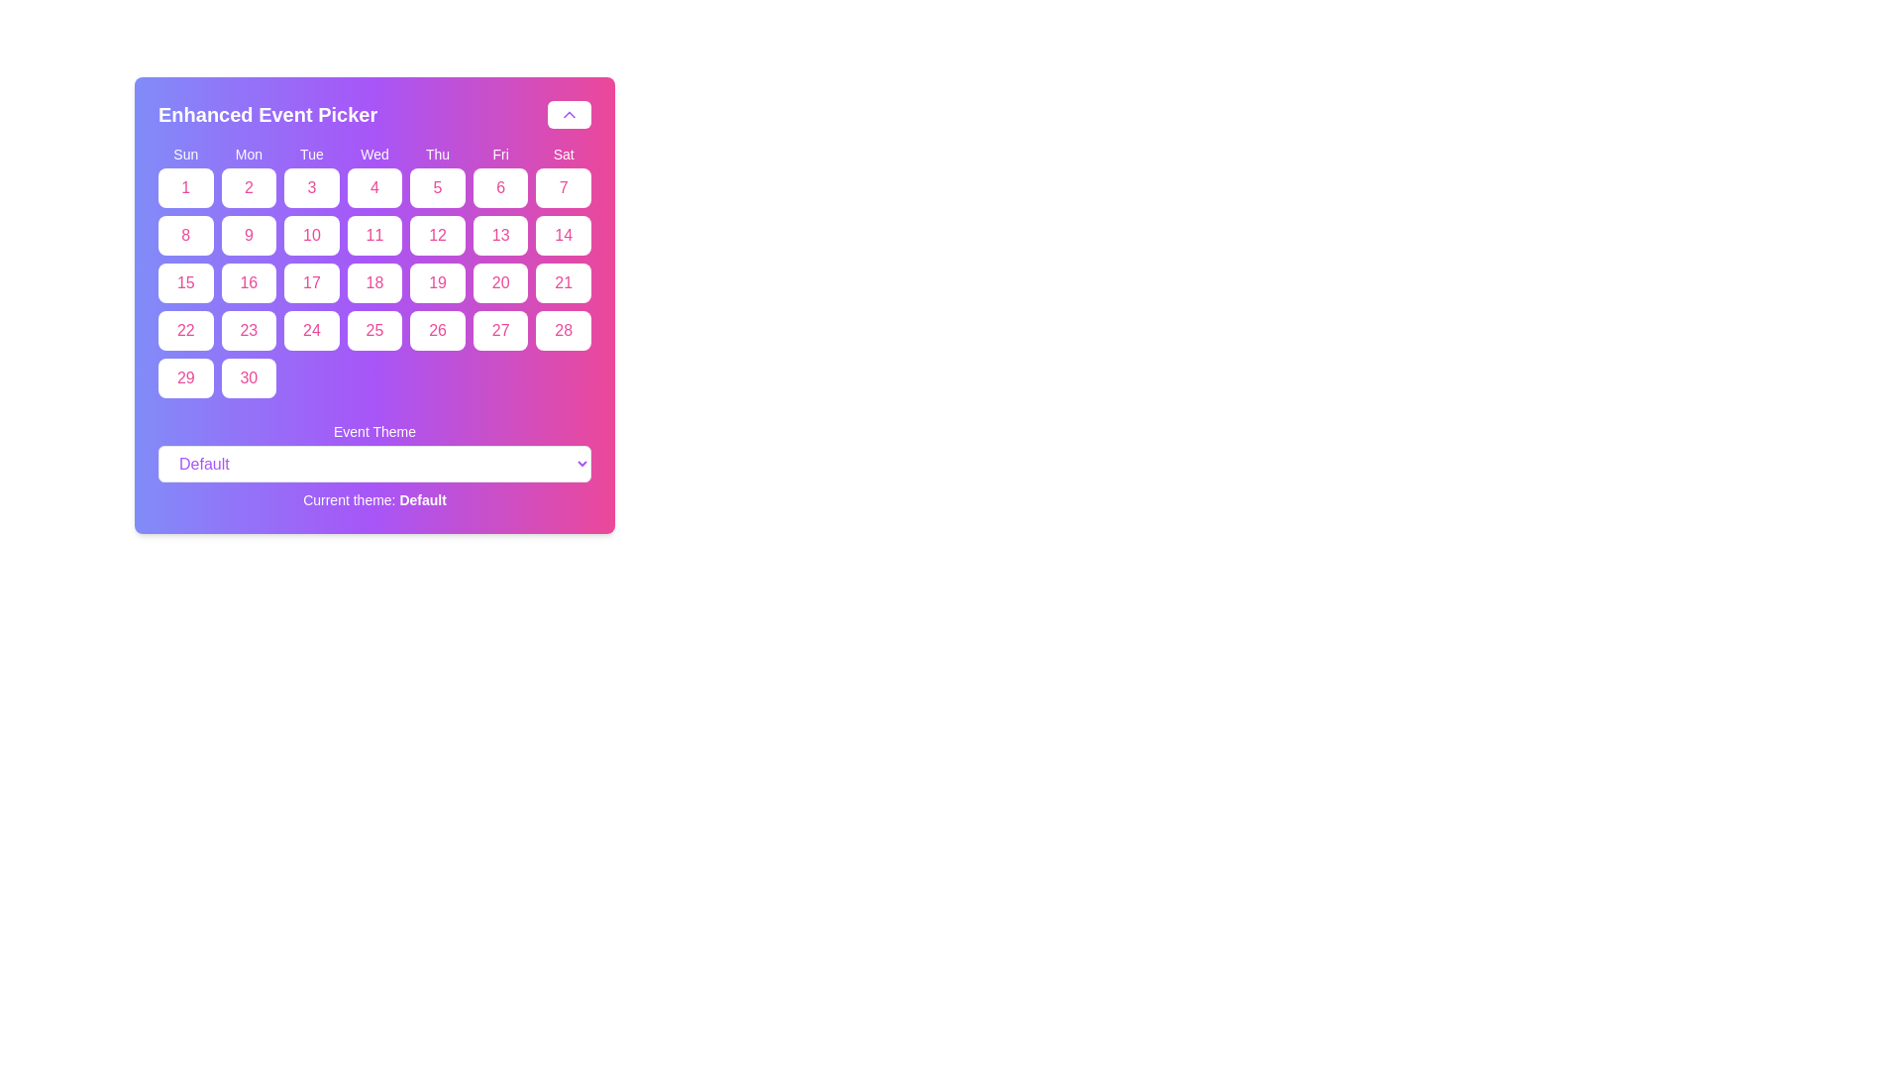  I want to click on the date selection button for '24' in the calendar interface located in the fourth row and fourth column, so click(310, 330).